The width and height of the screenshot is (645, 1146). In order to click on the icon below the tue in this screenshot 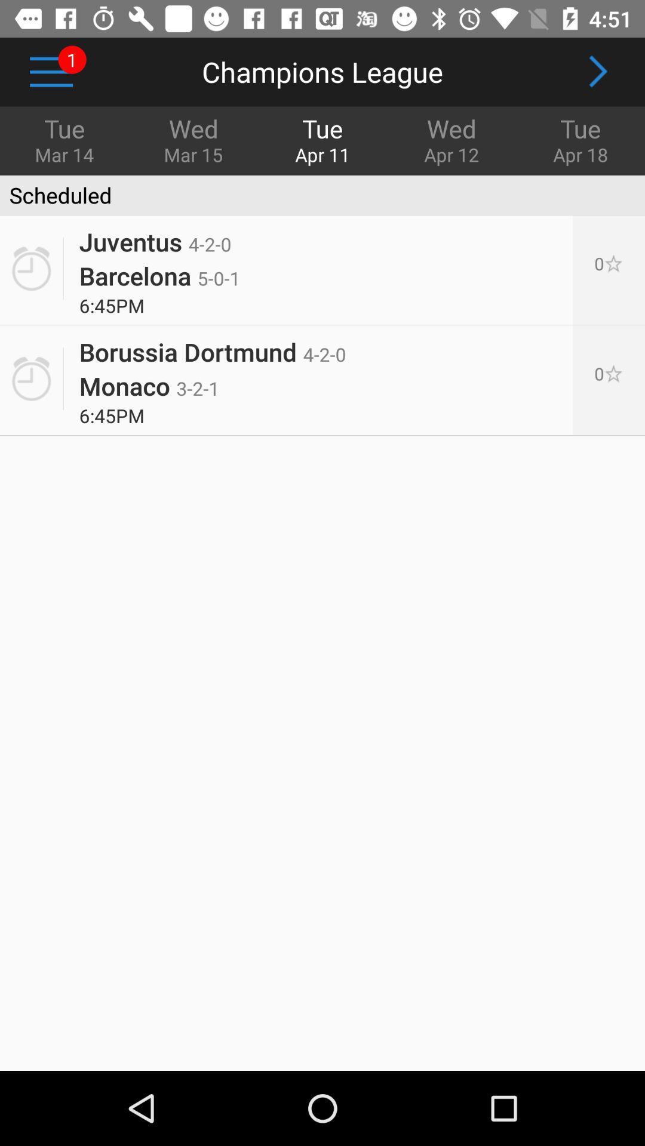, I will do `click(56, 195)`.